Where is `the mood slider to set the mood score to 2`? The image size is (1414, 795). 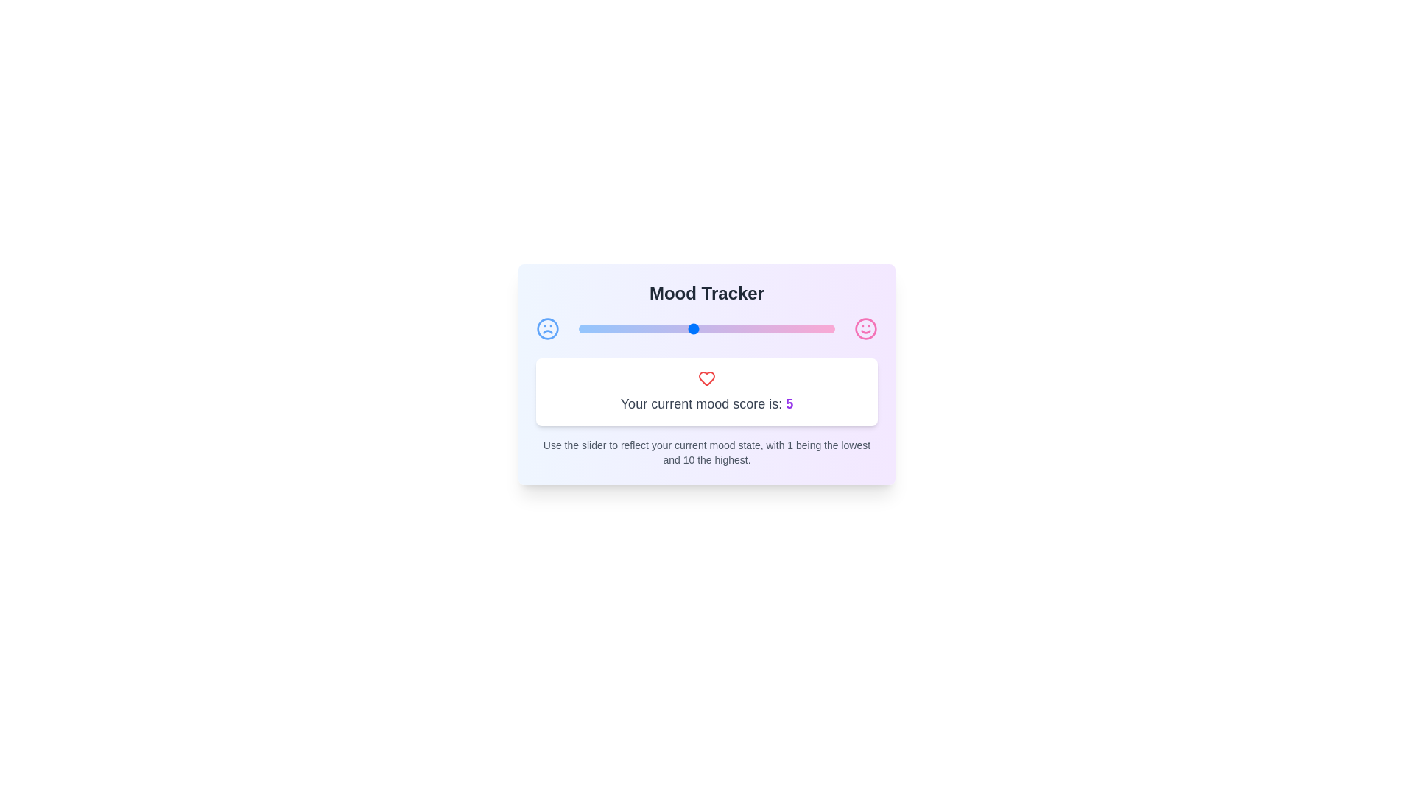 the mood slider to set the mood score to 2 is located at coordinates (607, 328).